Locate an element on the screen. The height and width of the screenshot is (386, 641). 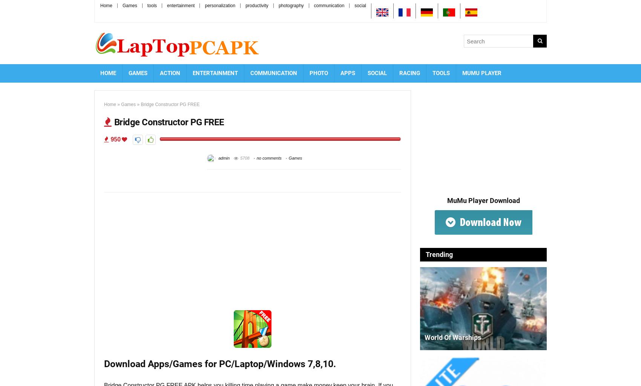
'World Of Warships' is located at coordinates (452, 337).